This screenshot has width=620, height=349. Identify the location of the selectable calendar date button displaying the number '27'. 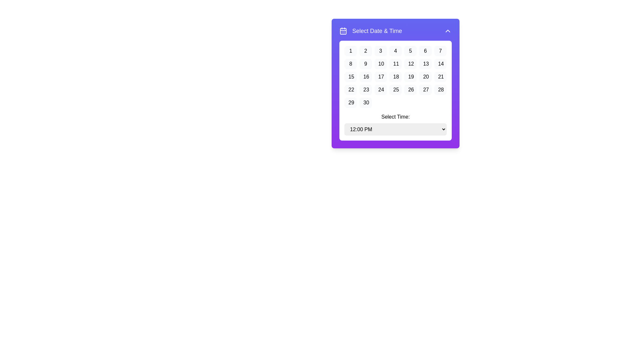
(425, 90).